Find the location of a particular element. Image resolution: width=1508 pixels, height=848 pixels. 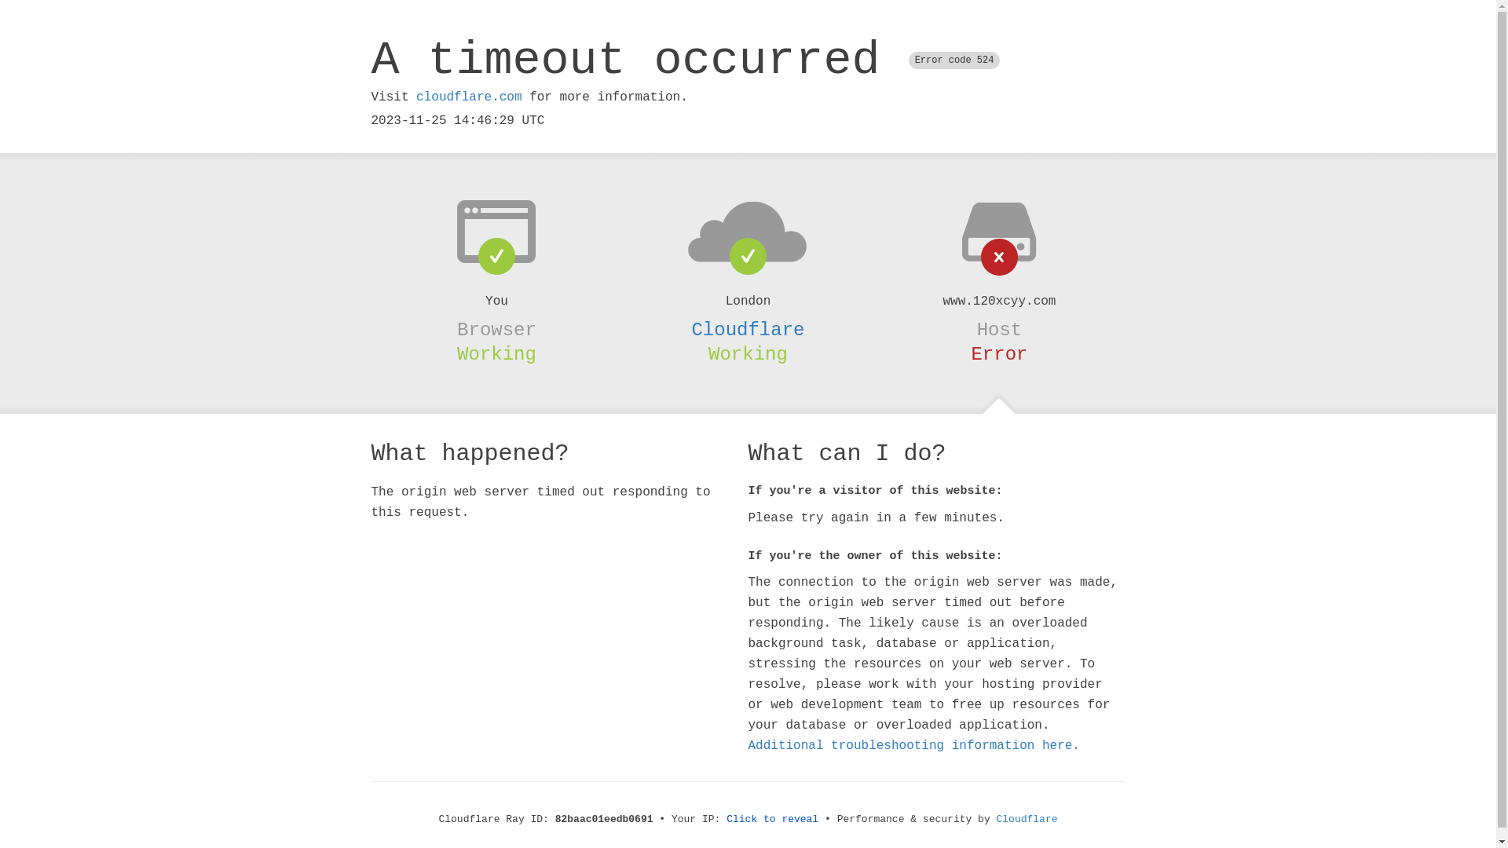

'Click to reveal' is located at coordinates (772, 818).